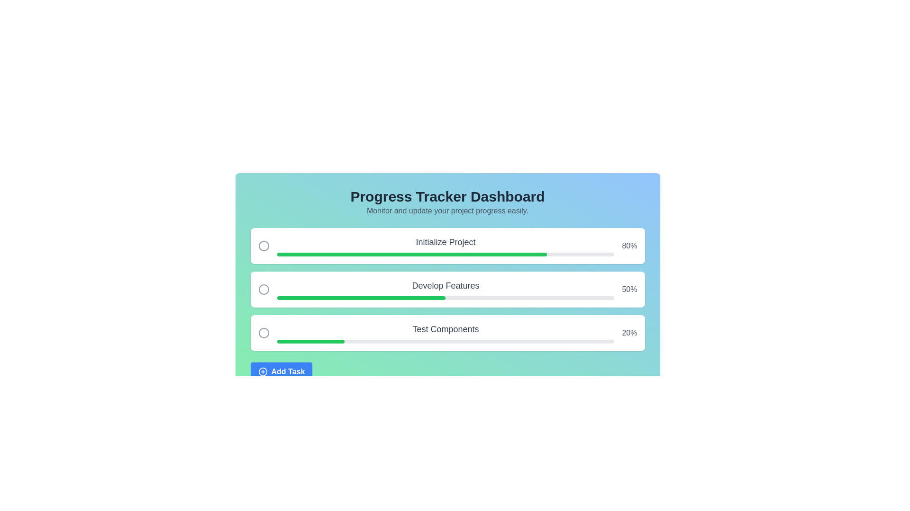 The image size is (910, 511). I want to click on the static text label that serves as a subtitle for the 'Progress Tracker Dashboard', providing additional context or instructions, so click(447, 211).